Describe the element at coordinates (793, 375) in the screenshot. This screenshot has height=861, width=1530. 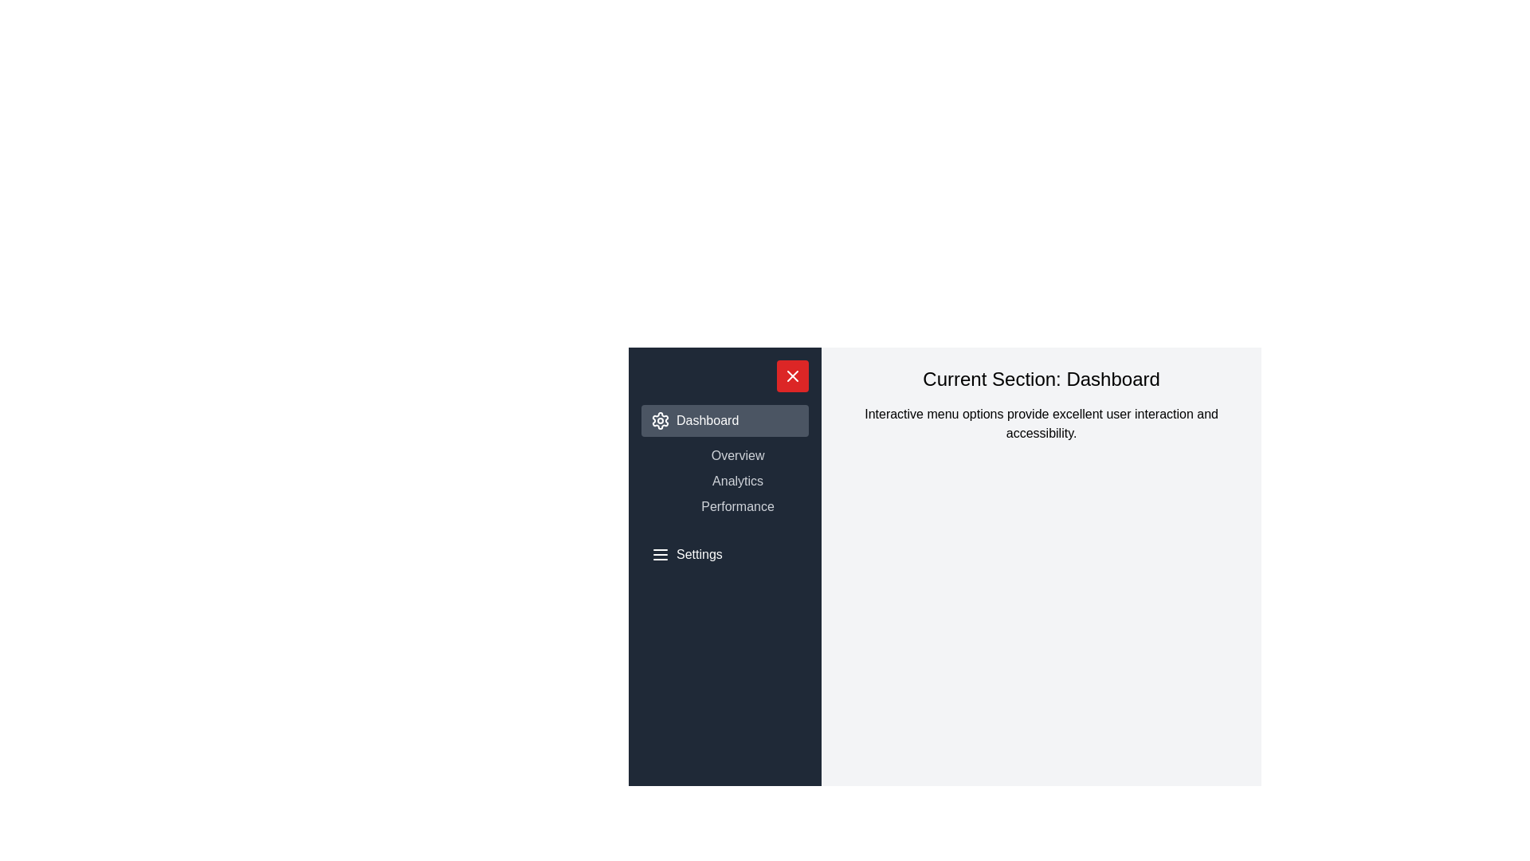
I see `the close icon located within the red square button in the top section of the left sidebar menu` at that location.